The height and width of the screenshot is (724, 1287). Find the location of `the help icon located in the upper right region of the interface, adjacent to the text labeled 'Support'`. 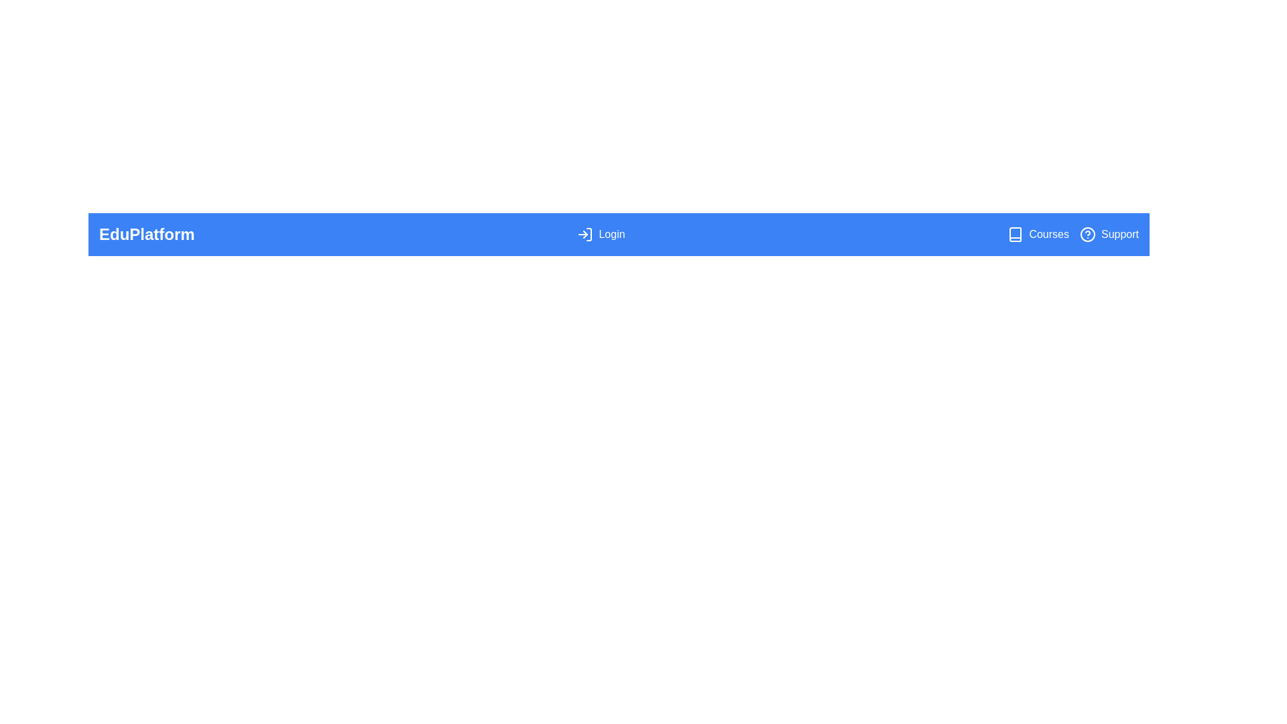

the help icon located in the upper right region of the interface, adjacent to the text labeled 'Support' is located at coordinates (1087, 234).